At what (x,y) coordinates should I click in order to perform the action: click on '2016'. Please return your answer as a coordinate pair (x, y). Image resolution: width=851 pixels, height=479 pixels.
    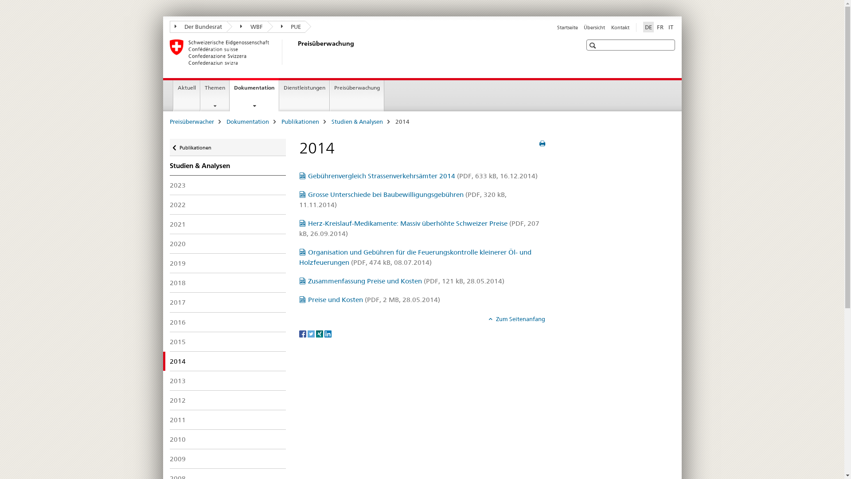
    Looking at the image, I should click on (227, 322).